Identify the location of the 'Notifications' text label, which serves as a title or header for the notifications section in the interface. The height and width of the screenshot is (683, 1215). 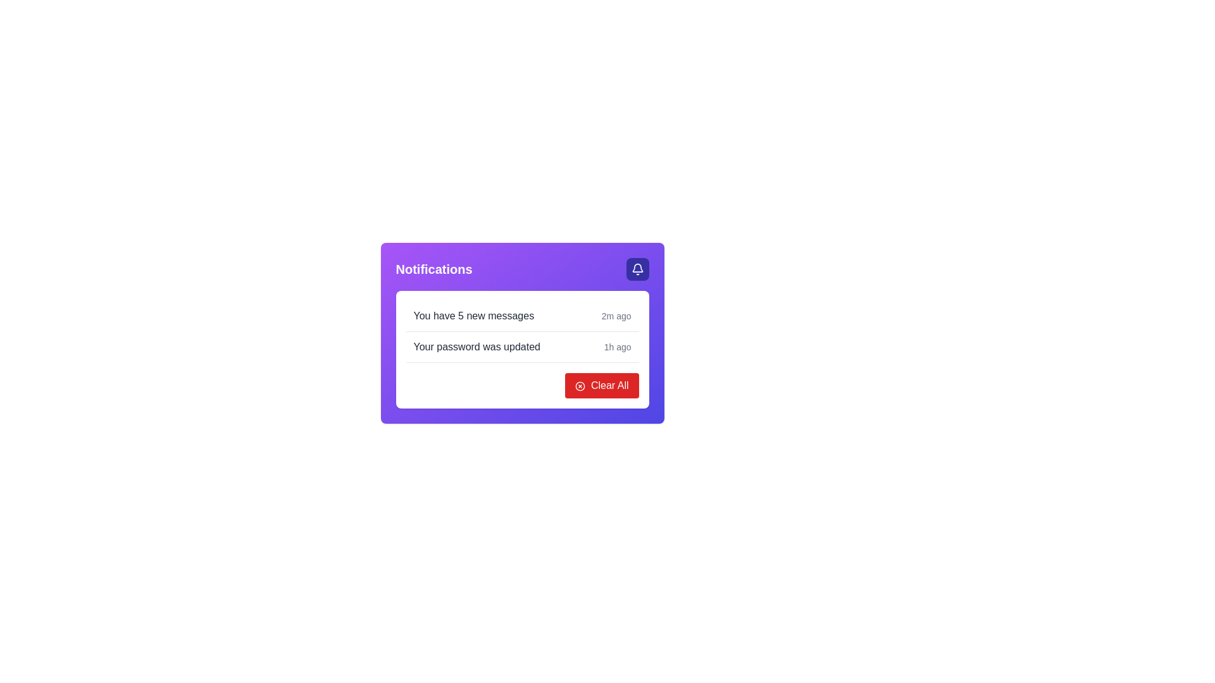
(434, 268).